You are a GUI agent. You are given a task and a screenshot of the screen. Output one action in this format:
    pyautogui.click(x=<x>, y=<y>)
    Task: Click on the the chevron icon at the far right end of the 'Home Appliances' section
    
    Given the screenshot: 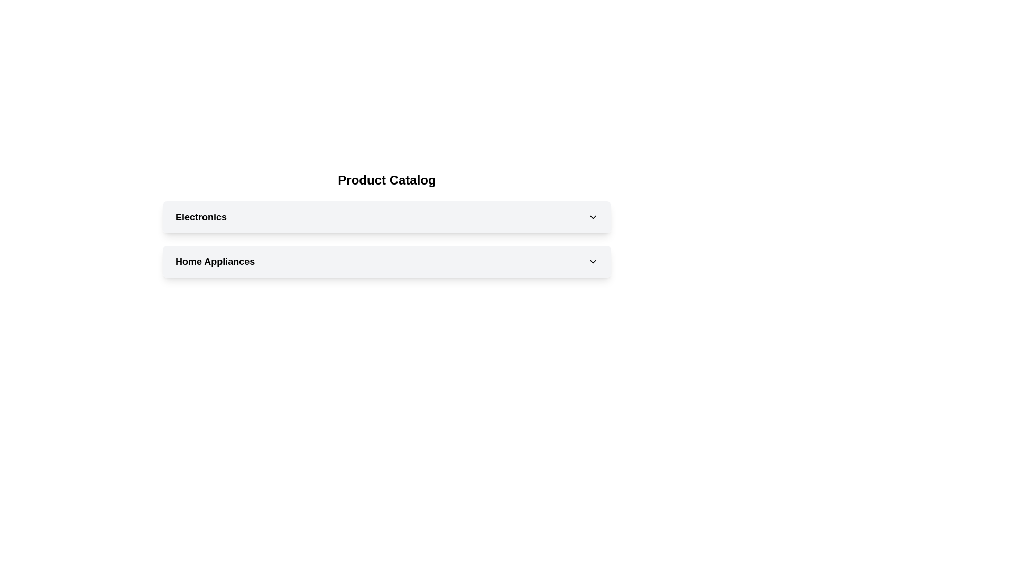 What is the action you would take?
    pyautogui.click(x=593, y=261)
    